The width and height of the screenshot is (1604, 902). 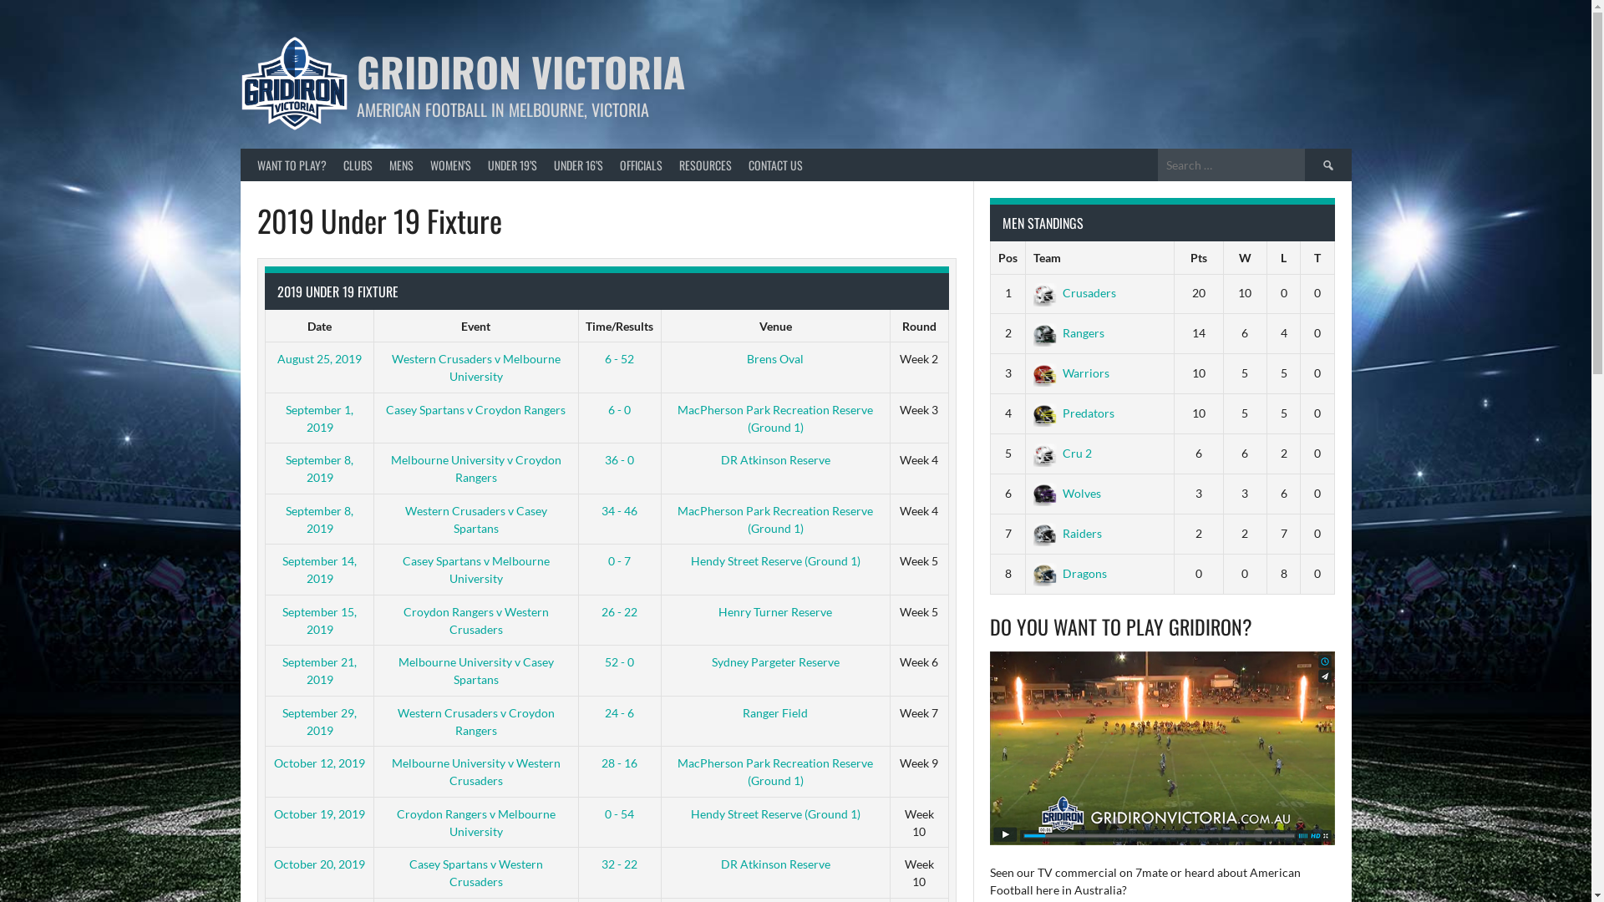 What do you see at coordinates (475, 366) in the screenshot?
I see `'Western Crusaders v Melbourne University'` at bounding box center [475, 366].